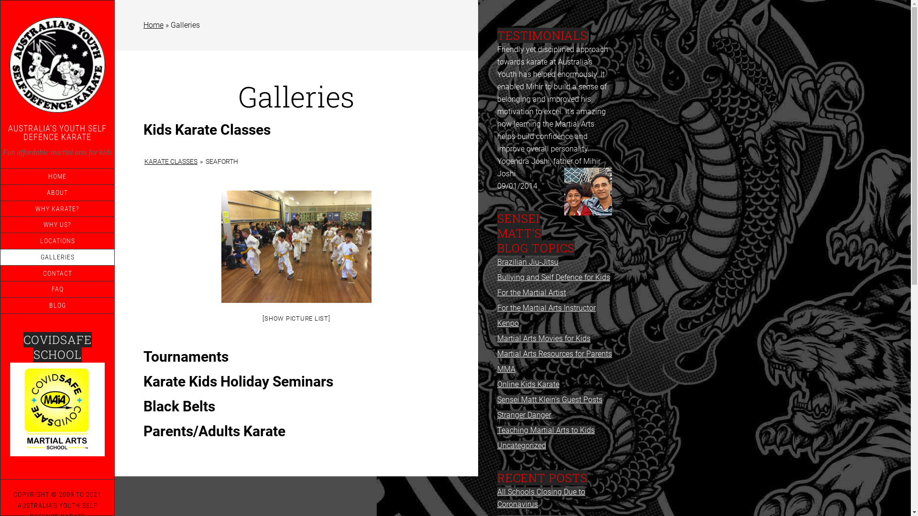  What do you see at coordinates (550, 399) in the screenshot?
I see `'Sensei Matt Klein's Guest Posts'` at bounding box center [550, 399].